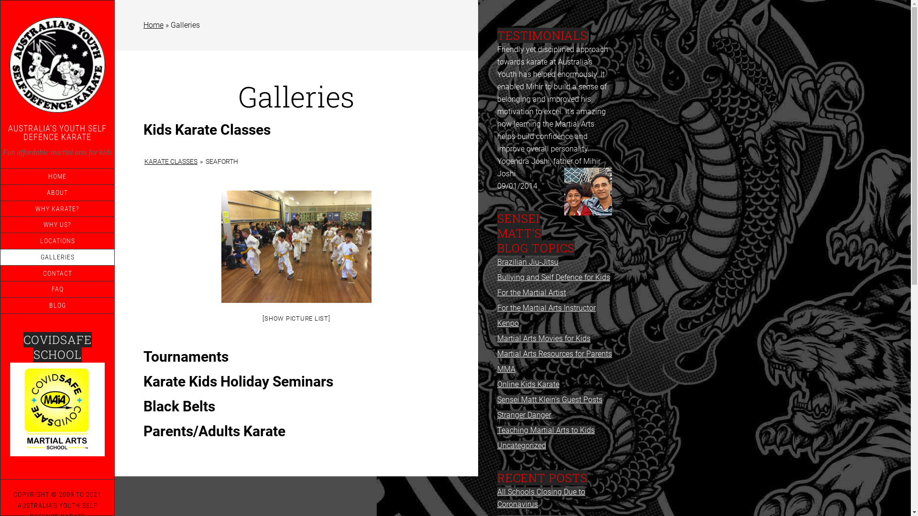  What do you see at coordinates (550, 399) in the screenshot?
I see `'Sensei Matt Klein's Guest Posts'` at bounding box center [550, 399].